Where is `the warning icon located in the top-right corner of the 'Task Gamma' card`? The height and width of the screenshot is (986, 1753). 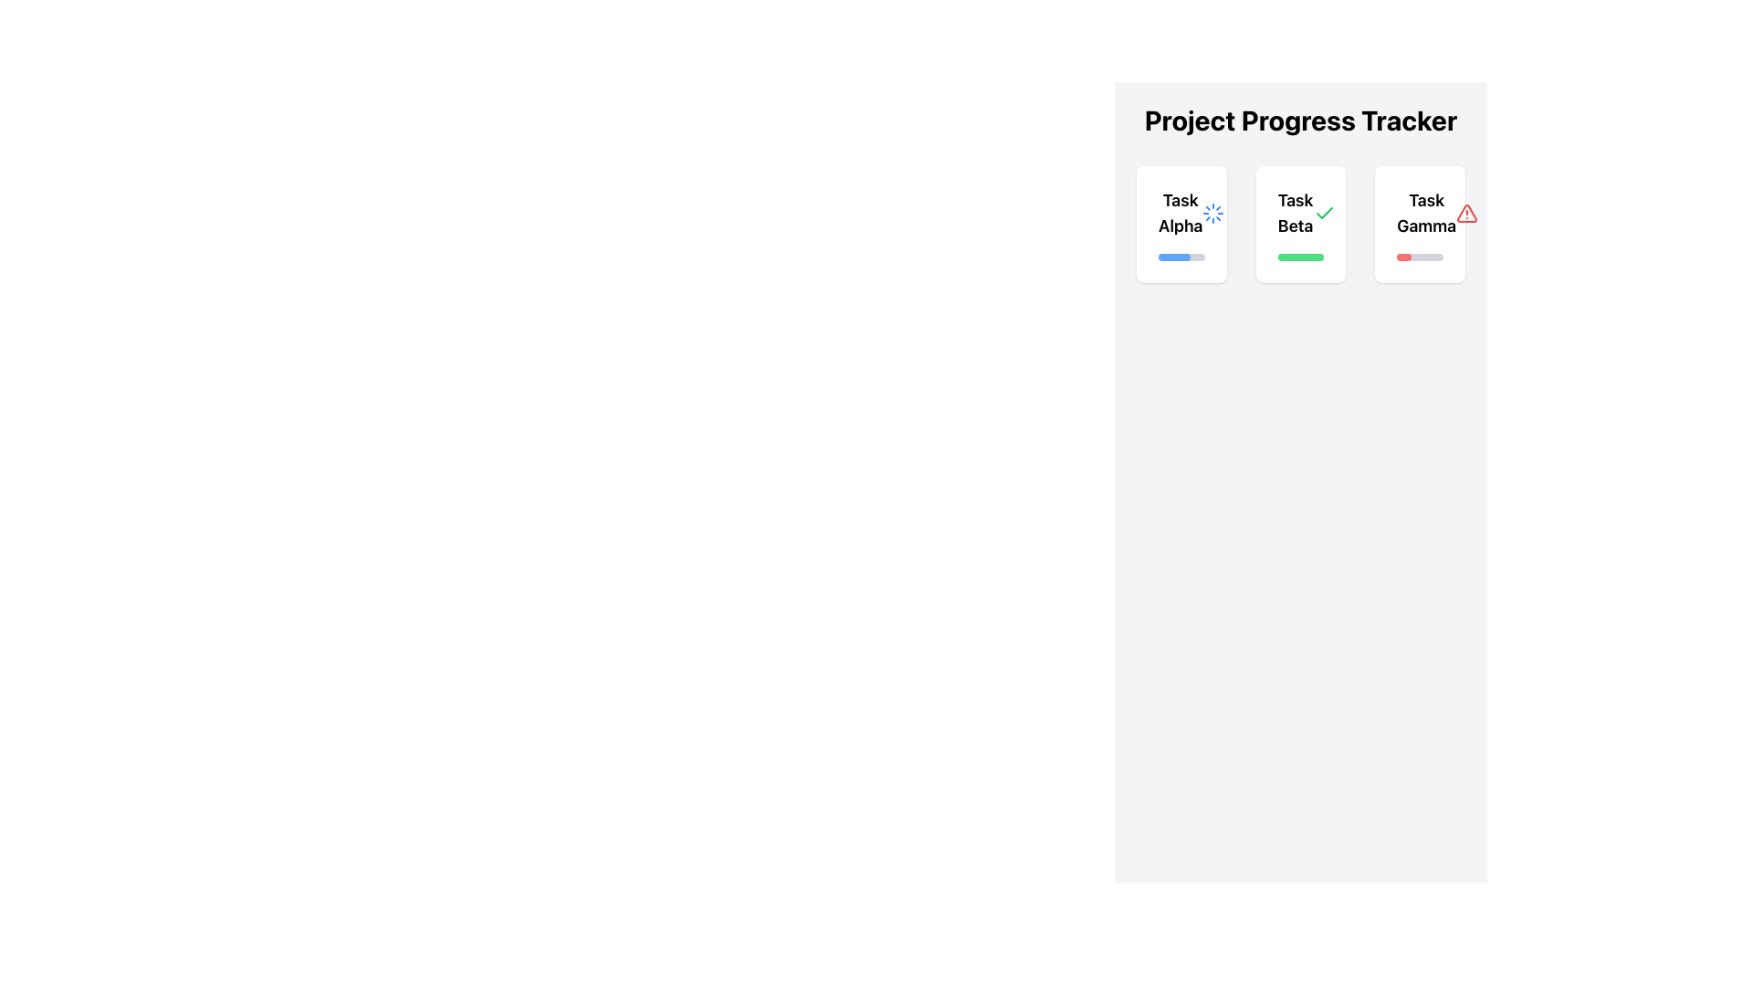
the warning icon located in the top-right corner of the 'Task Gamma' card is located at coordinates (1467, 213).